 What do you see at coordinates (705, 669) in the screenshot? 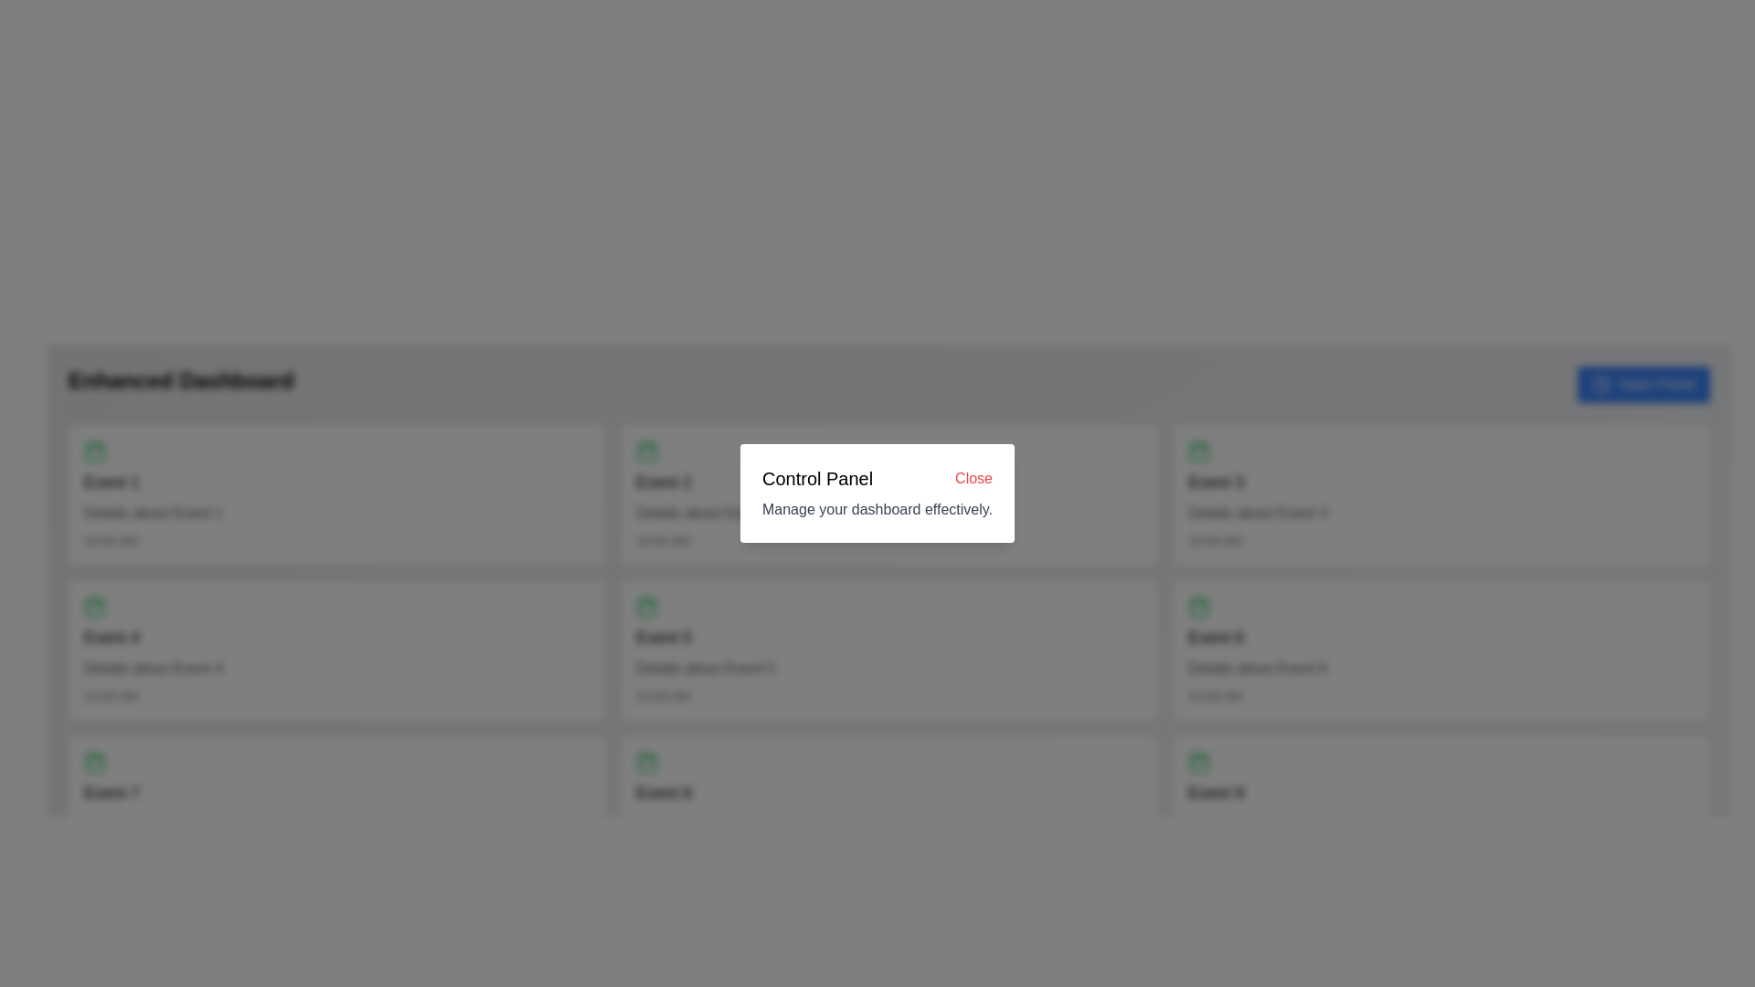
I see `the static textual content that describes 'Event 5', which is located within the event card, beneath the main title and above the event time` at bounding box center [705, 669].